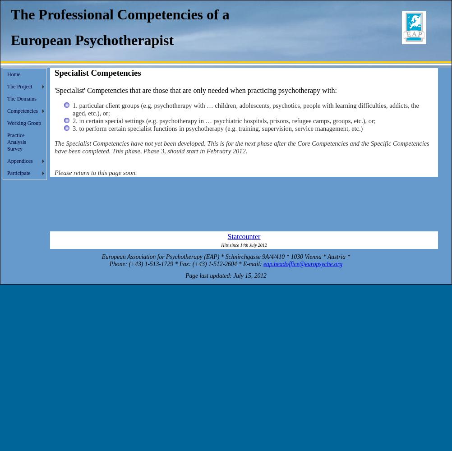  I want to click on 'Competencies', so click(22, 110).